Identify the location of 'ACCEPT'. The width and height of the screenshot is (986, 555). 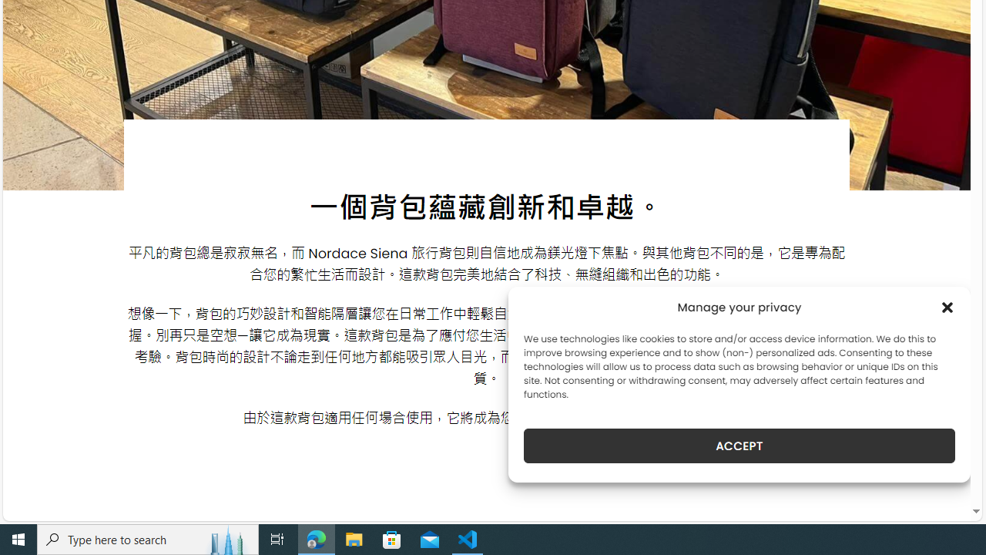
(739, 446).